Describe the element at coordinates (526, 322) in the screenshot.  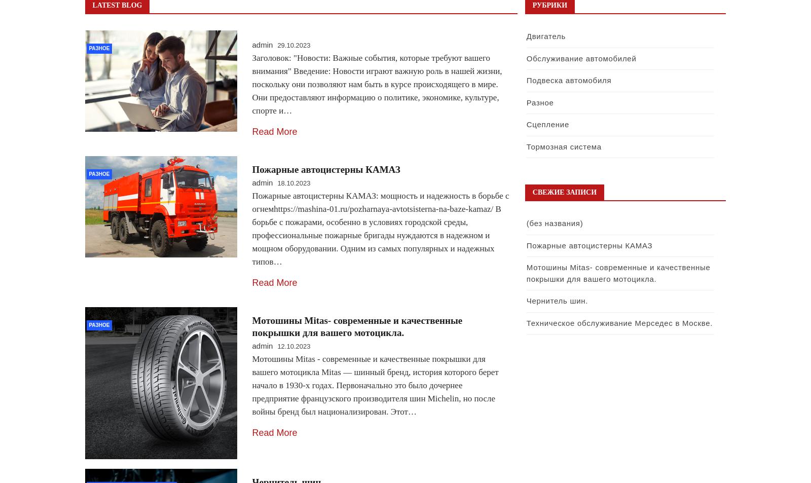
I see `'Техническое обслуживание Мерседес в Москве.'` at that location.